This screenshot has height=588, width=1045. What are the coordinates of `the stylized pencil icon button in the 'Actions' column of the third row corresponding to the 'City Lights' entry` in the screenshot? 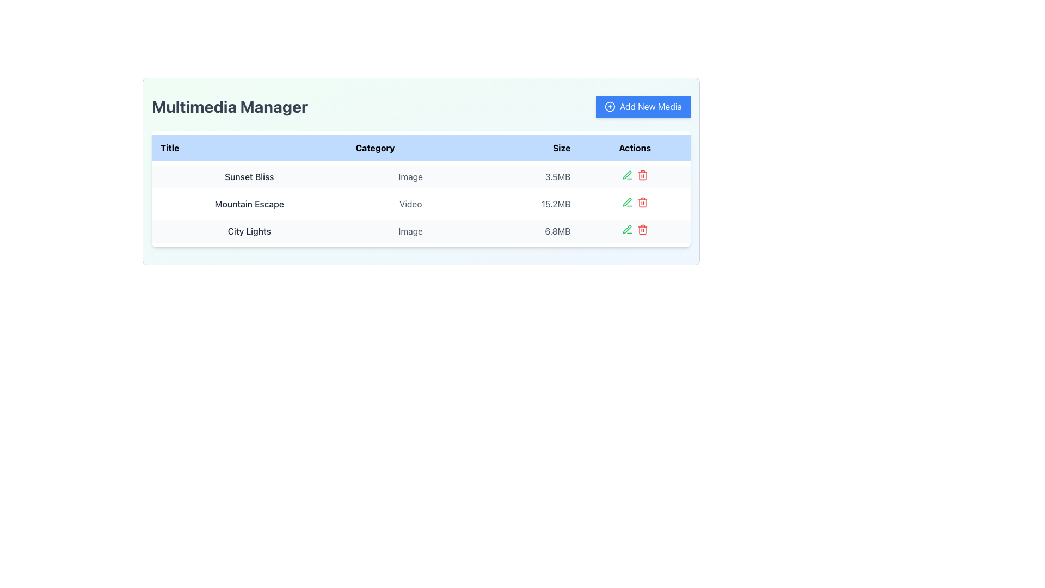 It's located at (627, 229).